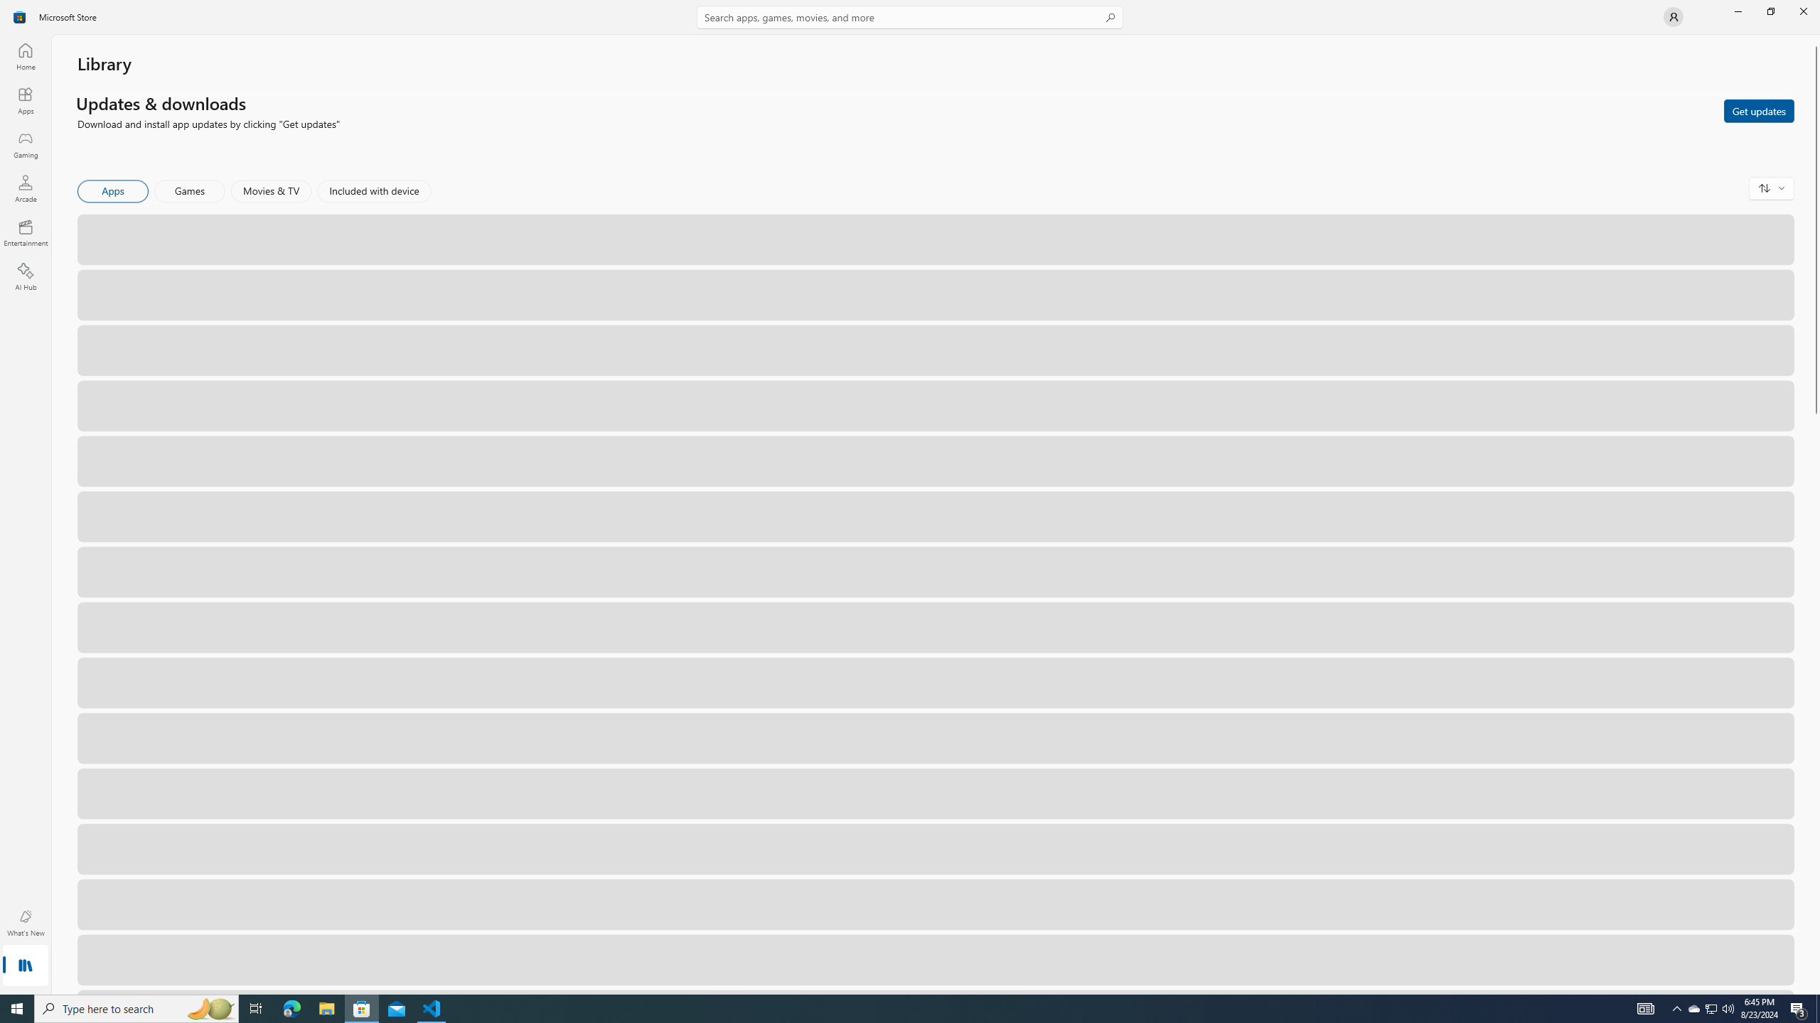 The width and height of the screenshot is (1820, 1023). I want to click on 'Search', so click(910, 16).